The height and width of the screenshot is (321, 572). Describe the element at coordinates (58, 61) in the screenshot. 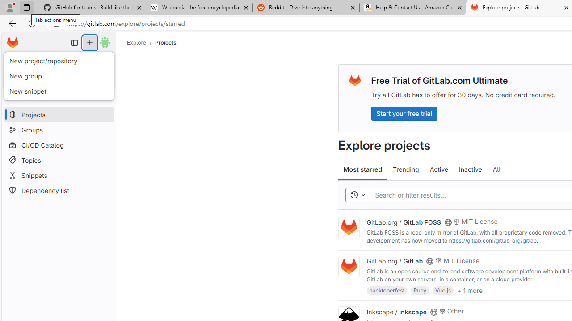

I see `'New project/repository'` at that location.